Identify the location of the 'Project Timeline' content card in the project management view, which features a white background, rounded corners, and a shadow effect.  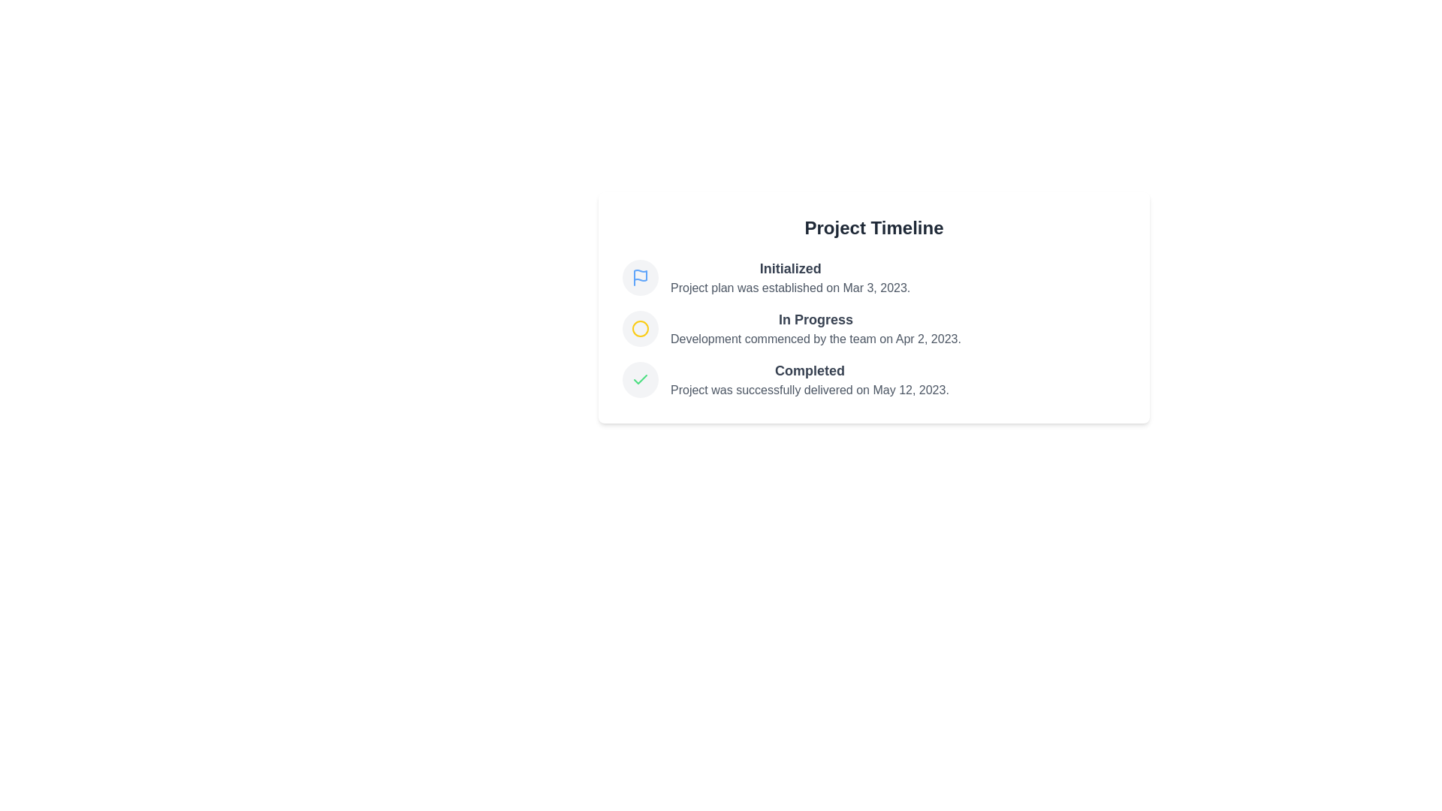
(873, 306).